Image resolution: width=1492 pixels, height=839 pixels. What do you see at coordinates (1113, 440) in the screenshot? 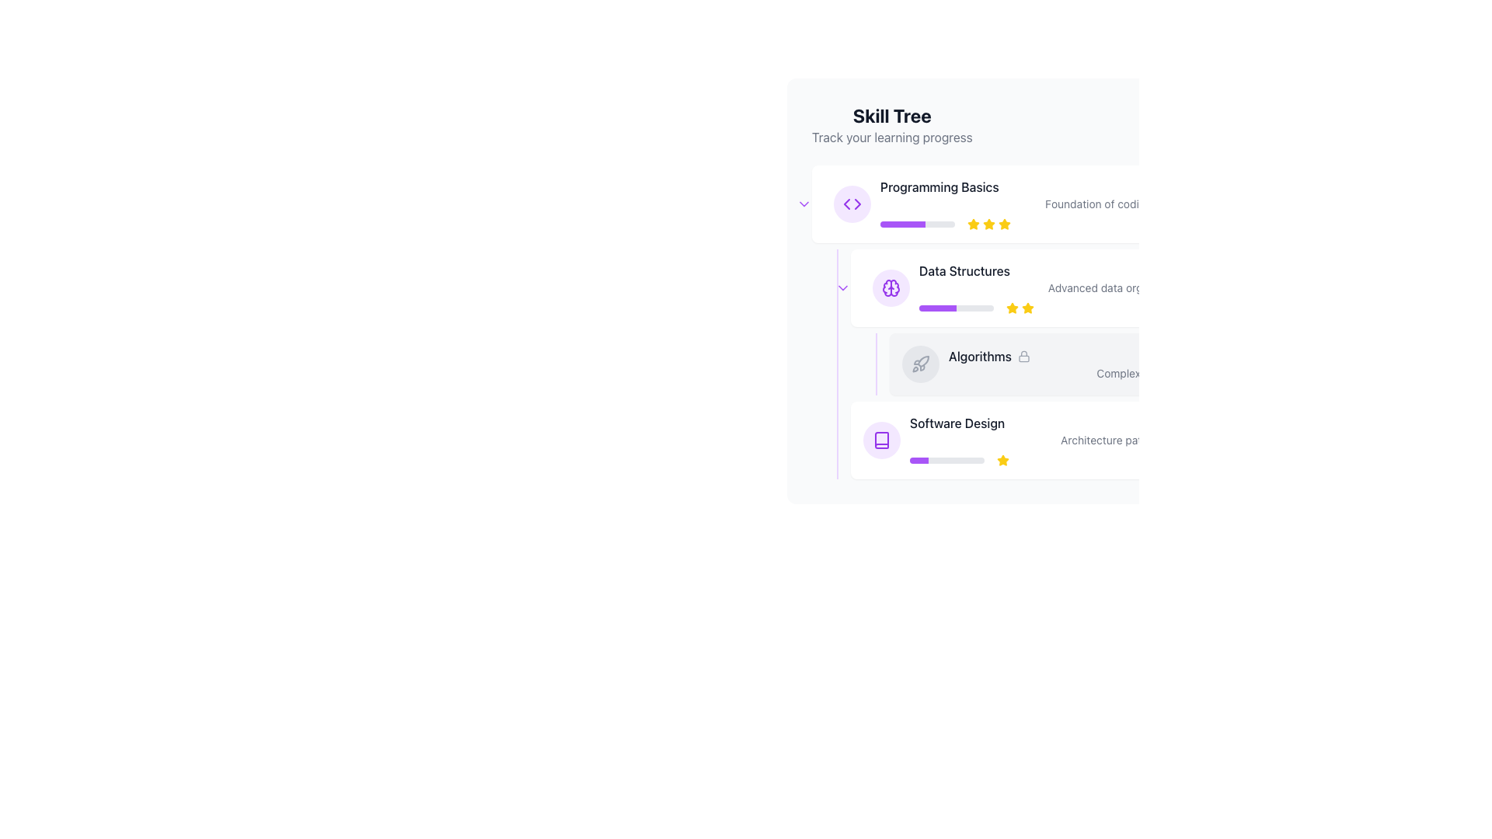
I see `text content of the 'Software Design' skill card which includes 'Software Design' in bold and 'Architecture patterns' in smaller text` at bounding box center [1113, 440].